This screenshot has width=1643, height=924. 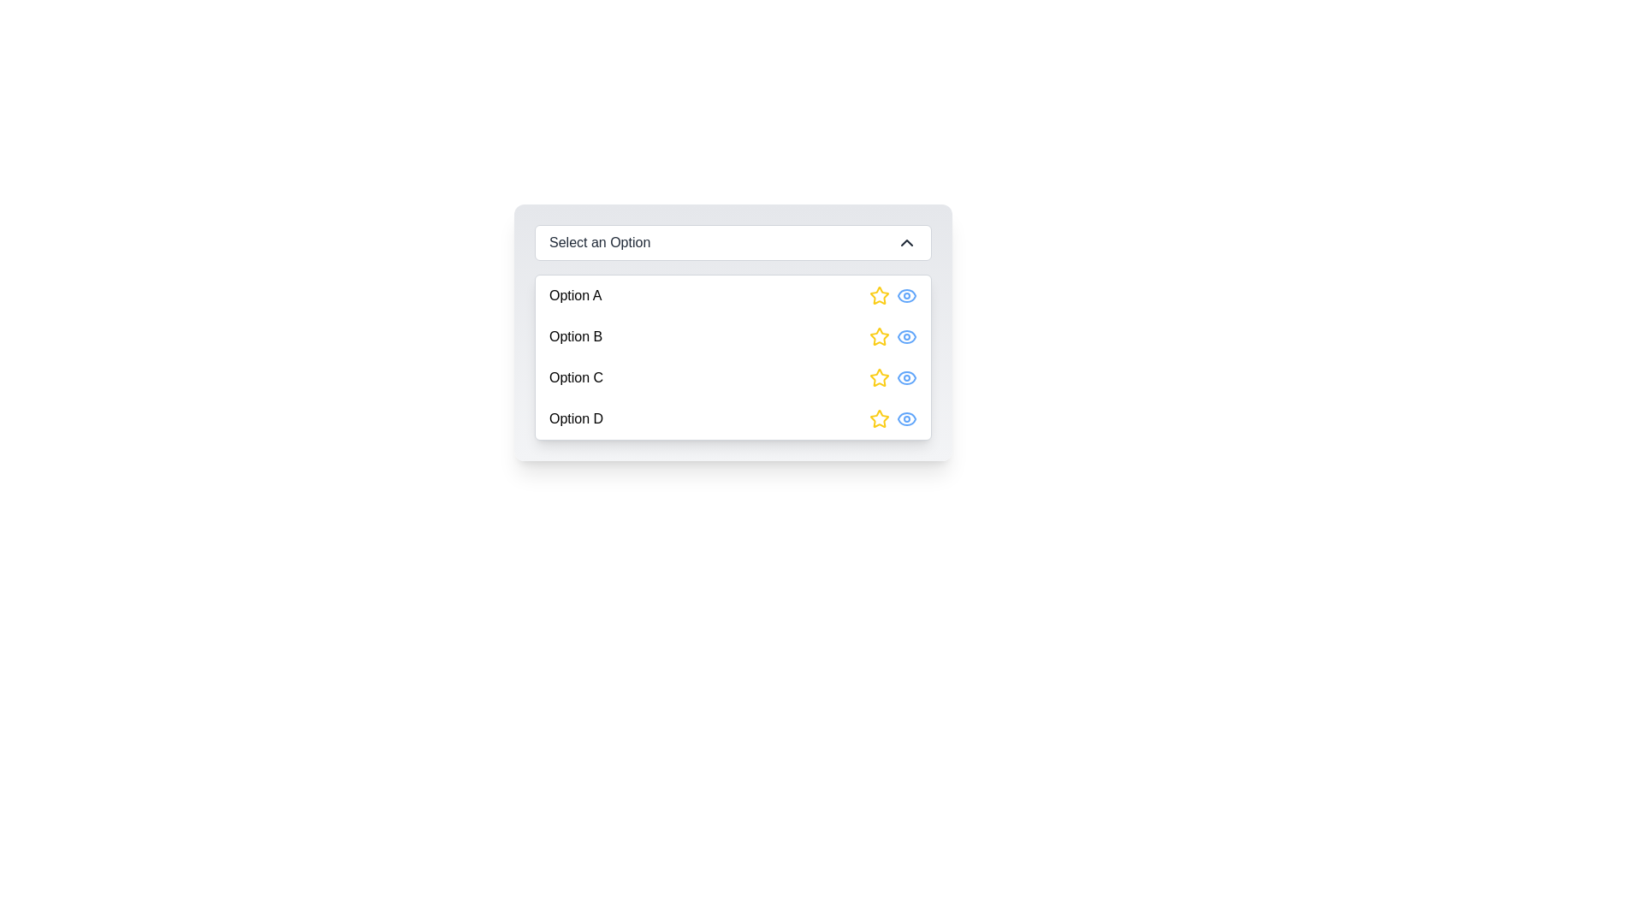 What do you see at coordinates (906, 377) in the screenshot?
I see `the 'view' icon button located beside the label 'Option C'` at bounding box center [906, 377].